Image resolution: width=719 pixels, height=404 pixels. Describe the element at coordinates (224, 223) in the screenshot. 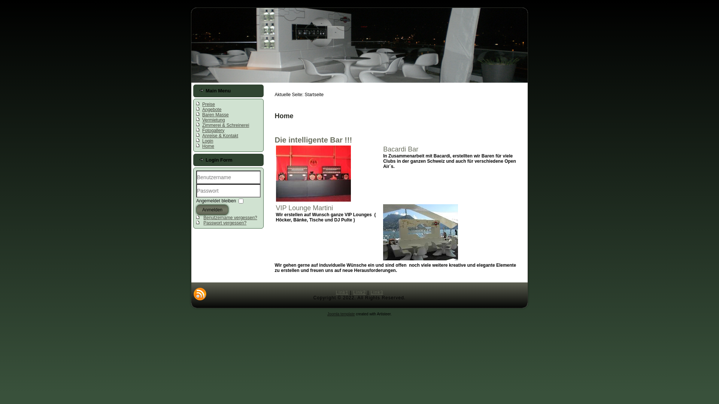

I see `'Passwort vergessen?'` at that location.